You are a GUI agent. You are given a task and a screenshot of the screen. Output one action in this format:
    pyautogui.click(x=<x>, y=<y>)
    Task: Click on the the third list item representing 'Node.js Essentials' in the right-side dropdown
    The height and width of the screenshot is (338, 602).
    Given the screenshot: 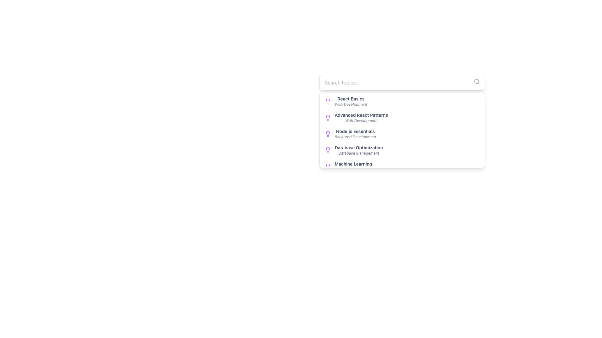 What is the action you would take?
    pyautogui.click(x=355, y=134)
    